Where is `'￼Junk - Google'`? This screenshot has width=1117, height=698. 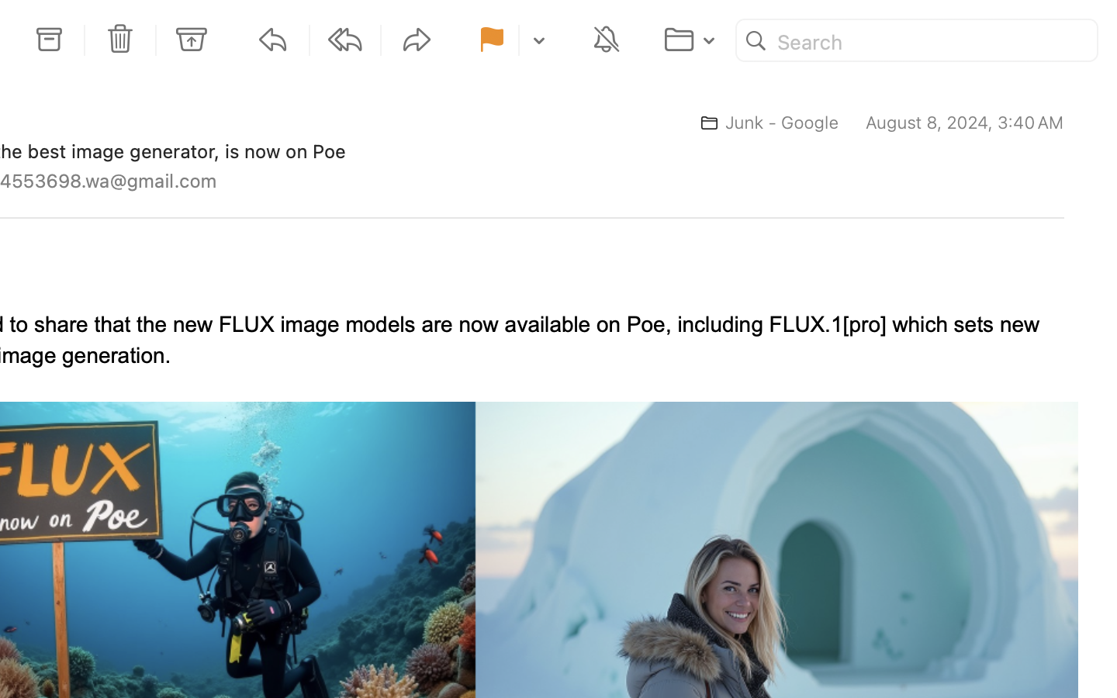
'￼Junk - Google' is located at coordinates (762, 123).